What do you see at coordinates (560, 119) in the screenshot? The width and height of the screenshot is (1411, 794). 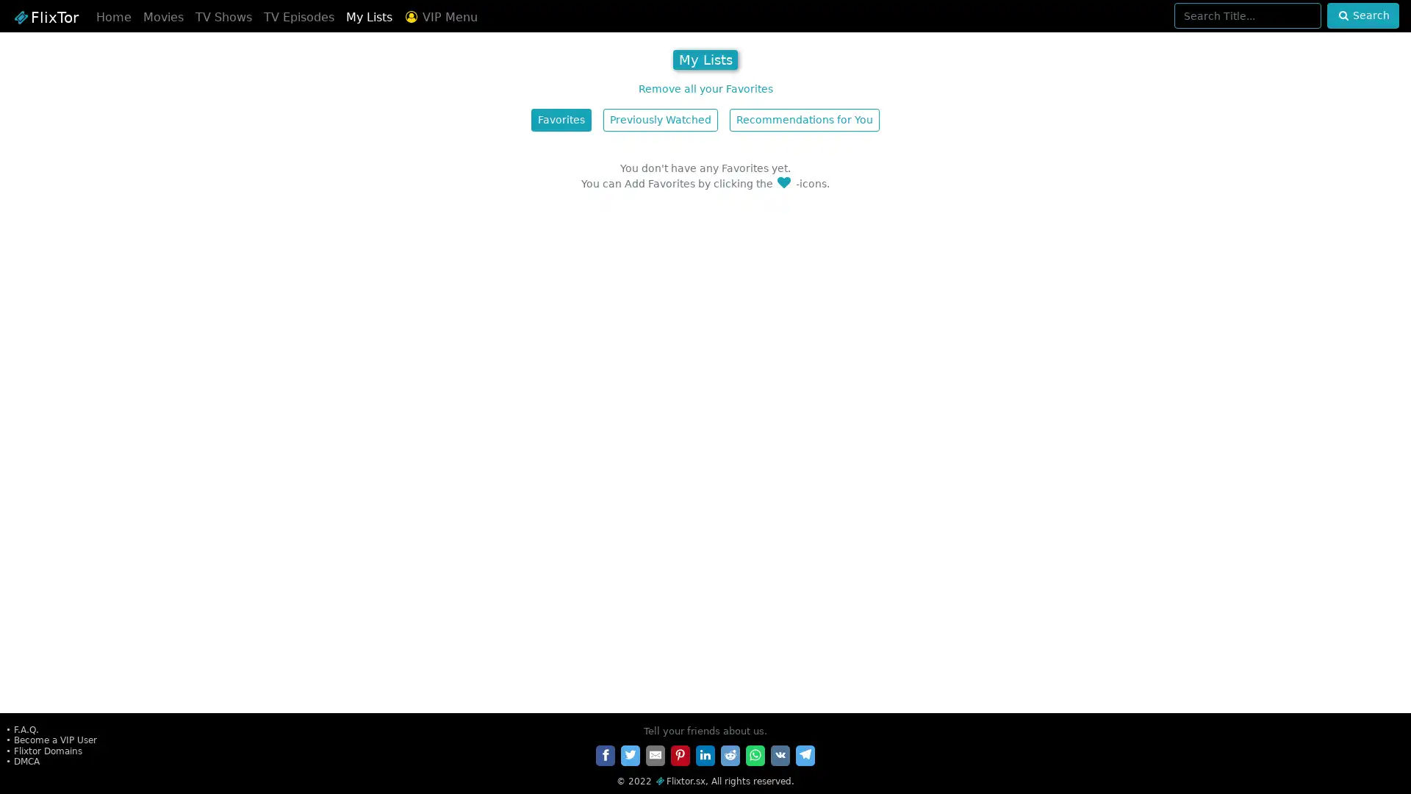 I see `Favorites` at bounding box center [560, 119].